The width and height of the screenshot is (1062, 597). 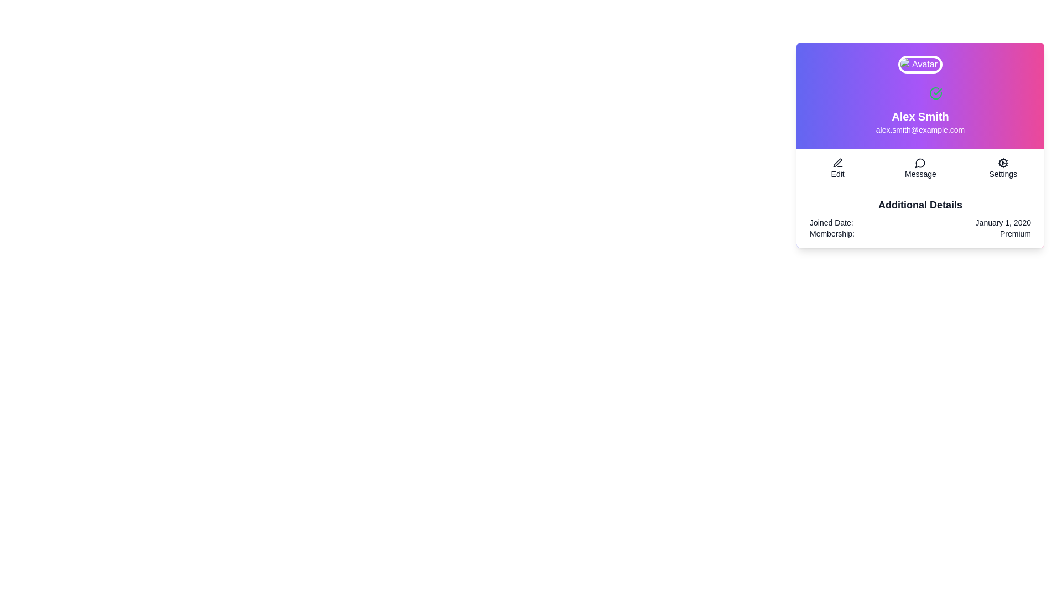 What do you see at coordinates (837, 174) in the screenshot?
I see `the label that describes the action for editing user information, located below the pen icon and above a horizontal divider` at bounding box center [837, 174].